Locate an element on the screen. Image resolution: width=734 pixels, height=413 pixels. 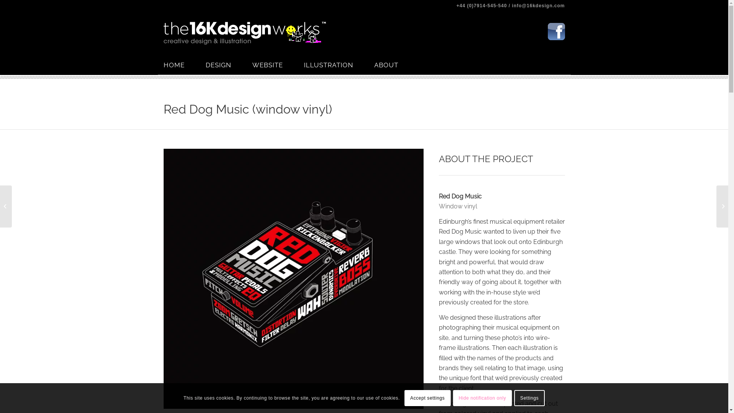
'DESIGN' is located at coordinates (229, 64).